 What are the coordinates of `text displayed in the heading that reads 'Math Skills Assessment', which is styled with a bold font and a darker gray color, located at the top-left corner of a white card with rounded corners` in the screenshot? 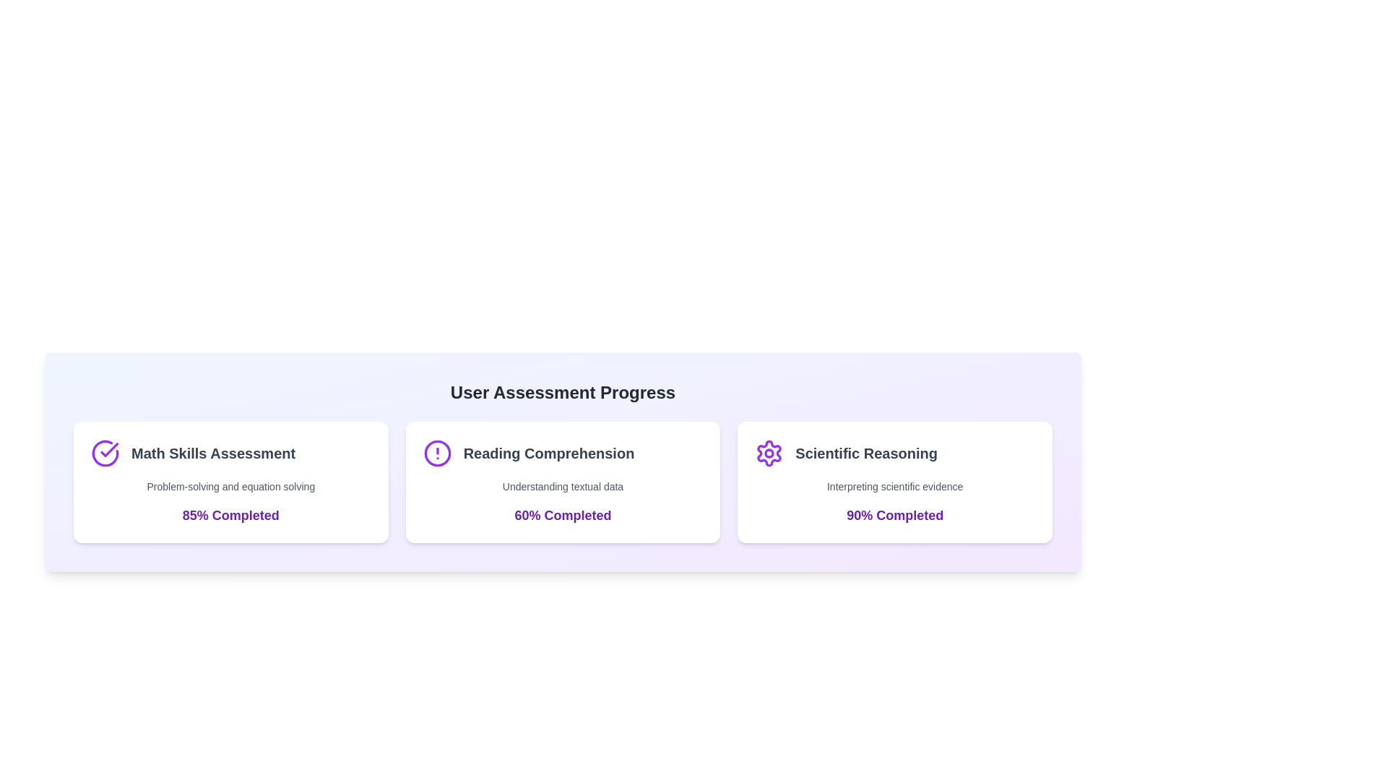 It's located at (230, 453).